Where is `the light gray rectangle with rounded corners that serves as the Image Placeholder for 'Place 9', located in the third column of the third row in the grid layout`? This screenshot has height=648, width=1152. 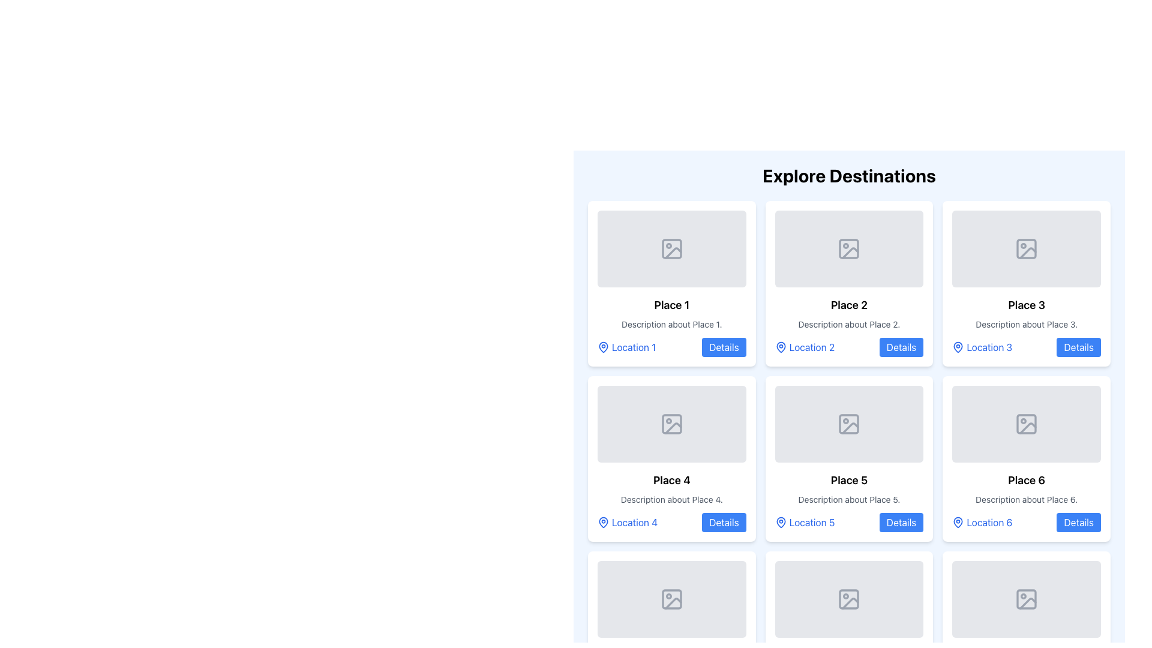 the light gray rectangle with rounded corners that serves as the Image Placeholder for 'Place 9', located in the third column of the third row in the grid layout is located at coordinates (1026, 599).